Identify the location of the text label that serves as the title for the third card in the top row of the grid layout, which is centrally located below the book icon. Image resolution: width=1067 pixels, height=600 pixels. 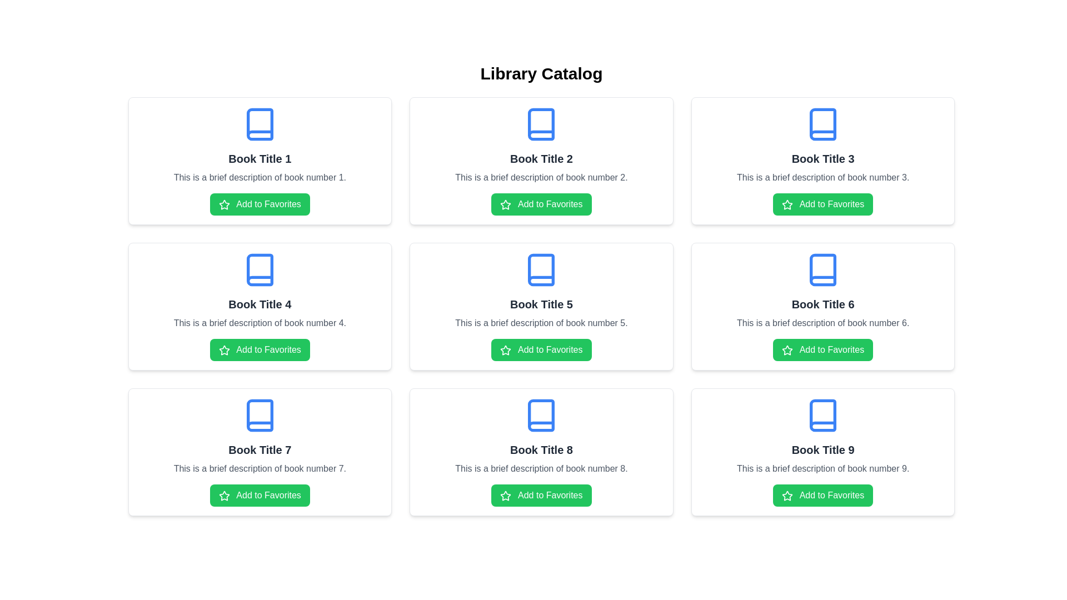
(823, 158).